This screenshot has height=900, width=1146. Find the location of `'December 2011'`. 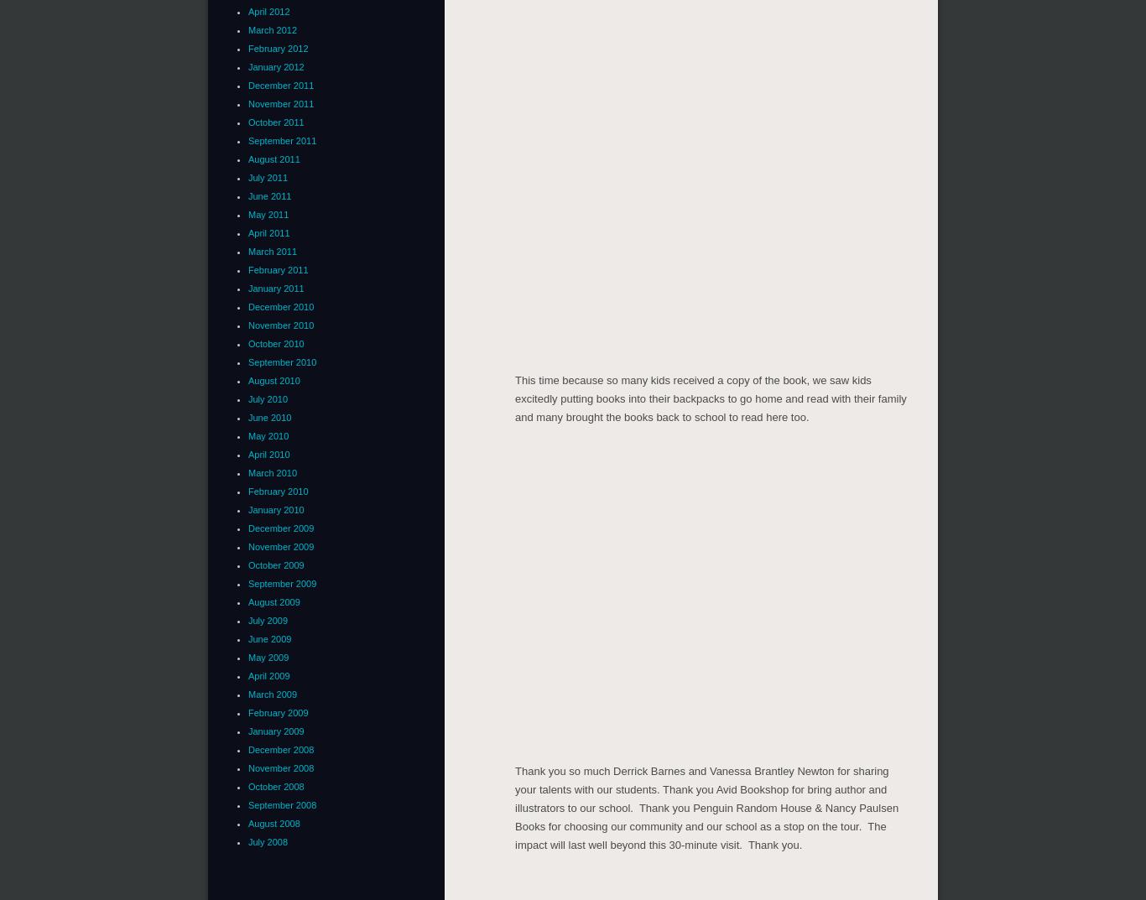

'December 2011' is located at coordinates (280, 84).